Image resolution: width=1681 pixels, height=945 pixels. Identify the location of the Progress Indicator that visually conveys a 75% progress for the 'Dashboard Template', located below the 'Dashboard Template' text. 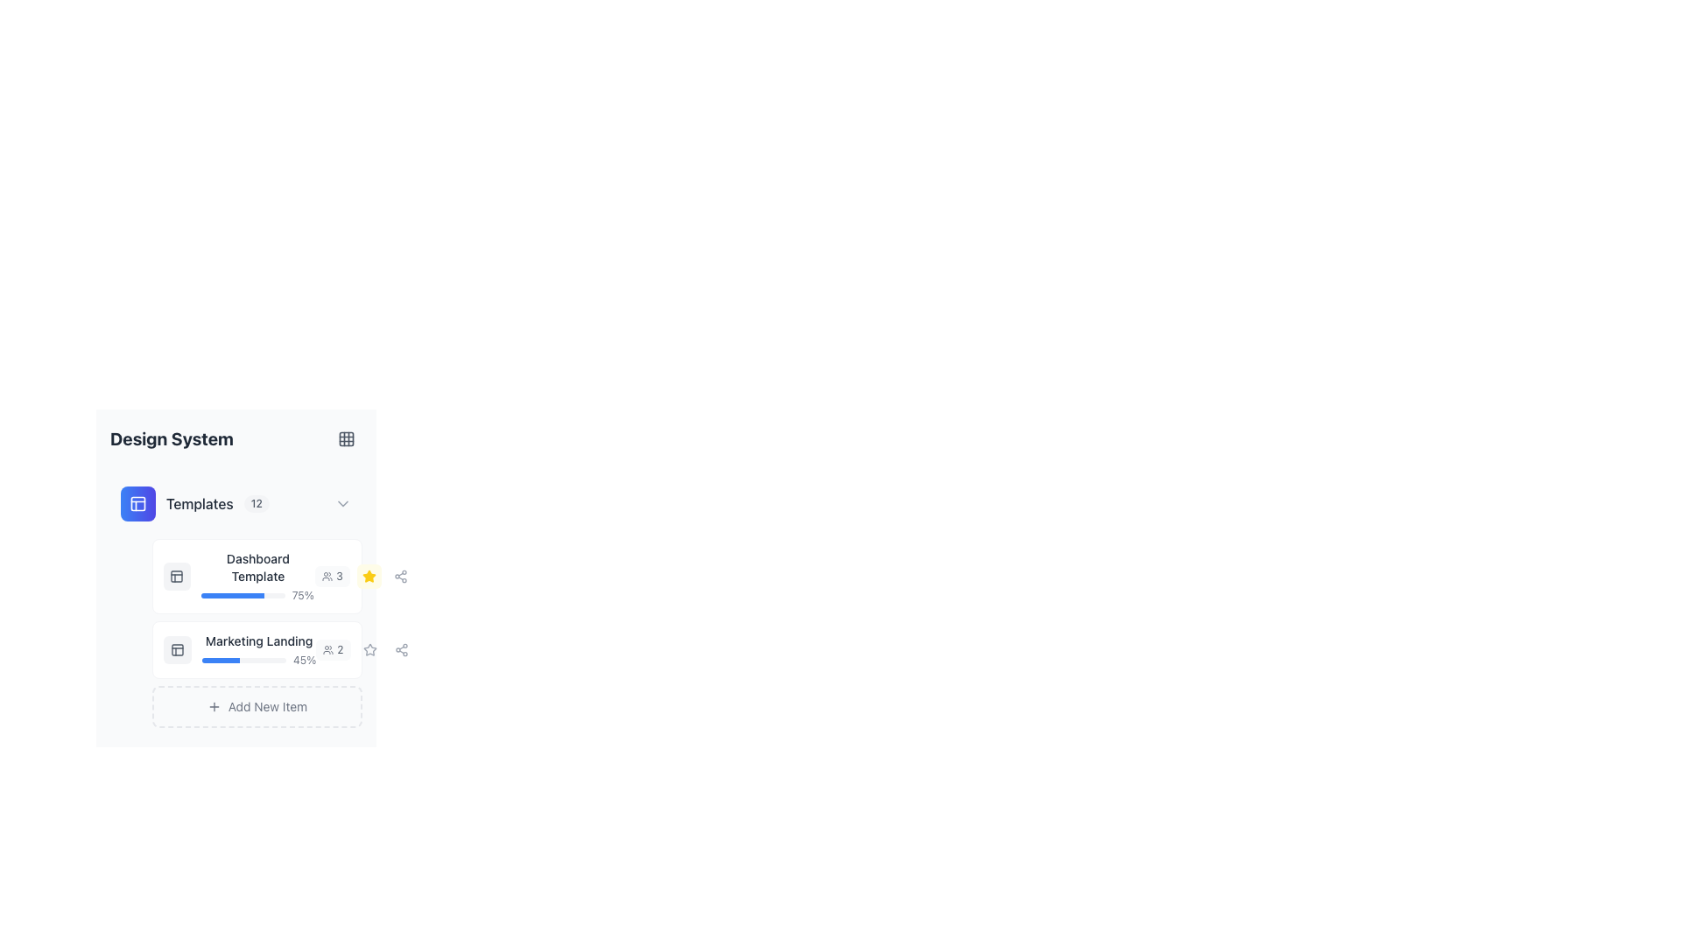
(257, 595).